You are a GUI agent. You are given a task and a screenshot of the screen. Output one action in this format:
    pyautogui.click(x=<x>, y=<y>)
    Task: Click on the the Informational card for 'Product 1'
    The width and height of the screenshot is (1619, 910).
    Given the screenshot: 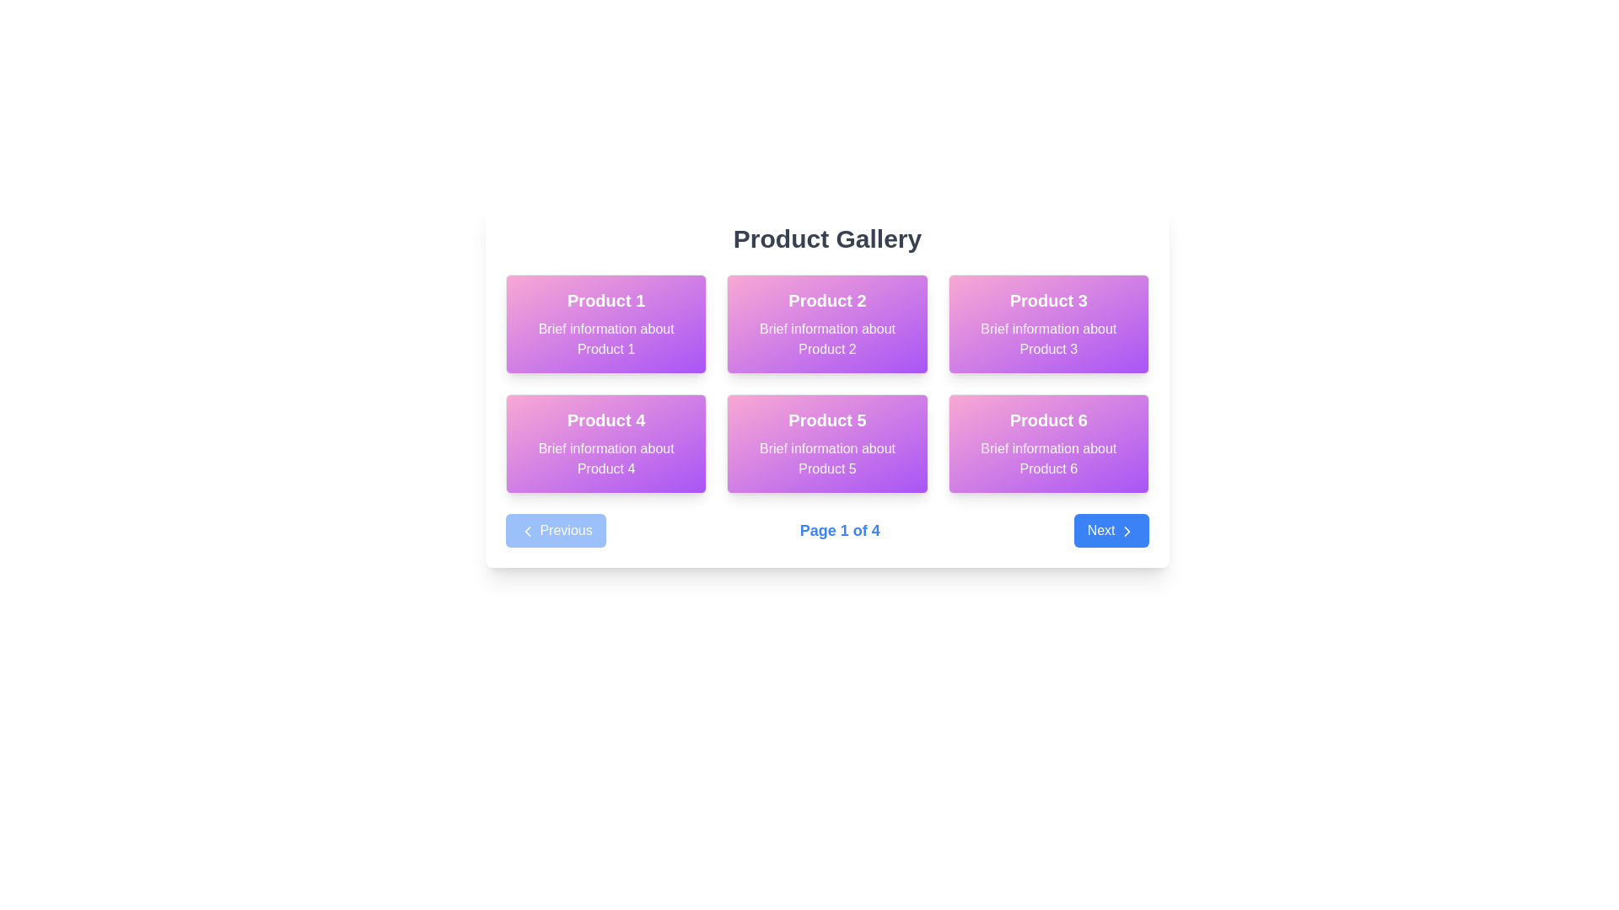 What is the action you would take?
    pyautogui.click(x=606, y=324)
    